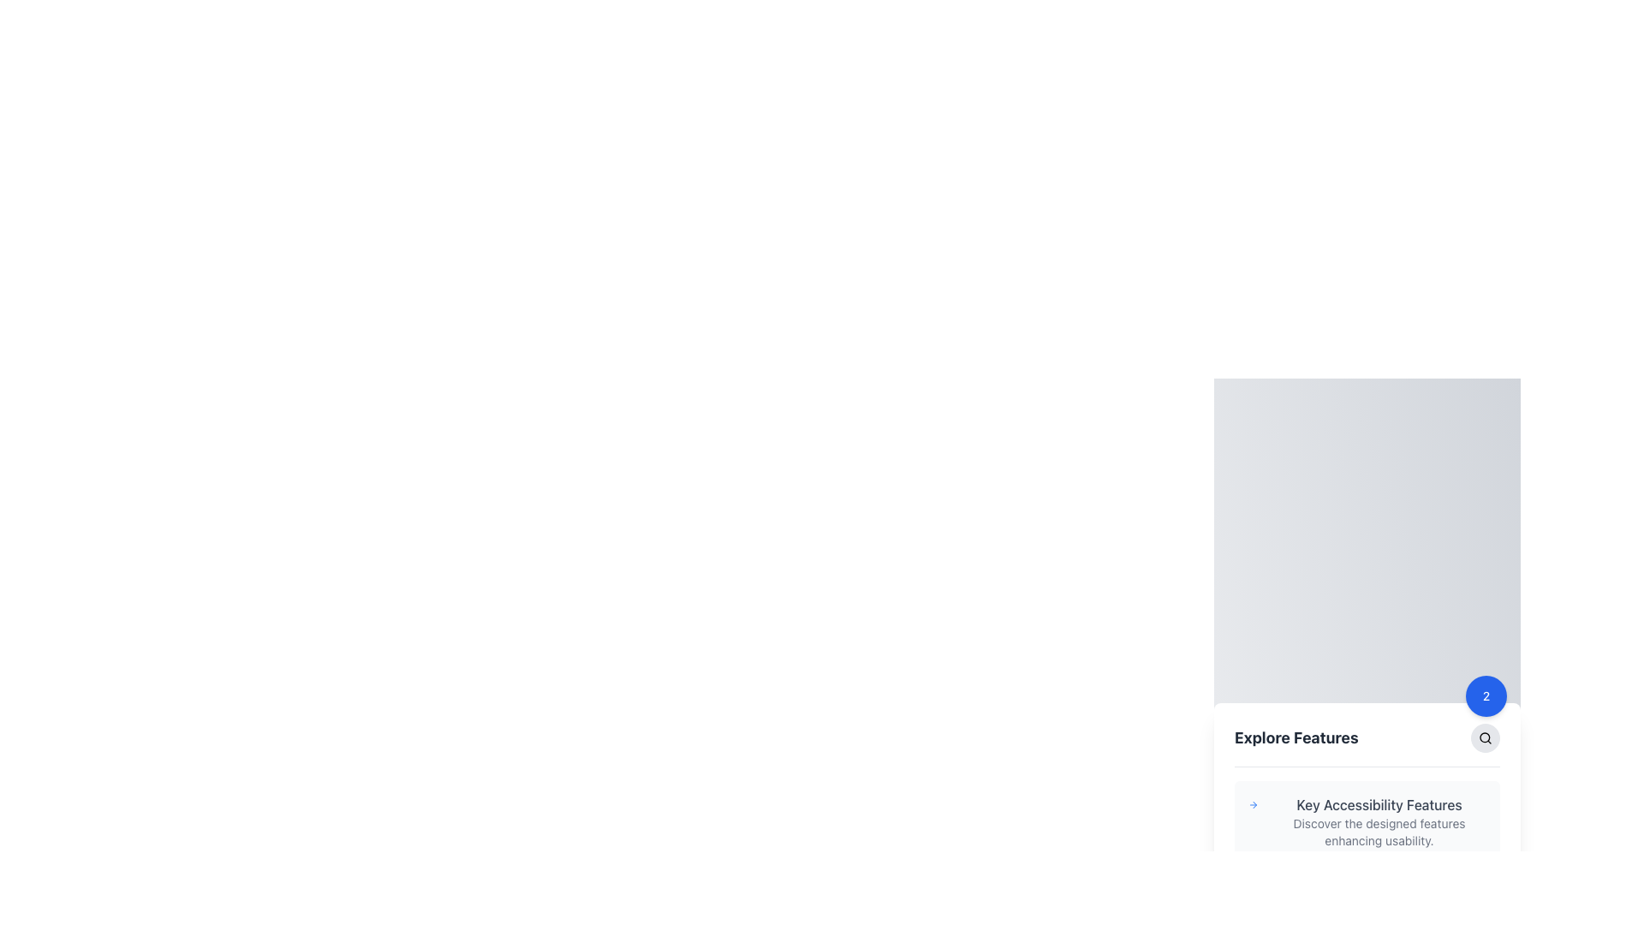 Image resolution: width=1644 pixels, height=925 pixels. I want to click on the search icon located in the top-right corner of the card, so click(1484, 737).